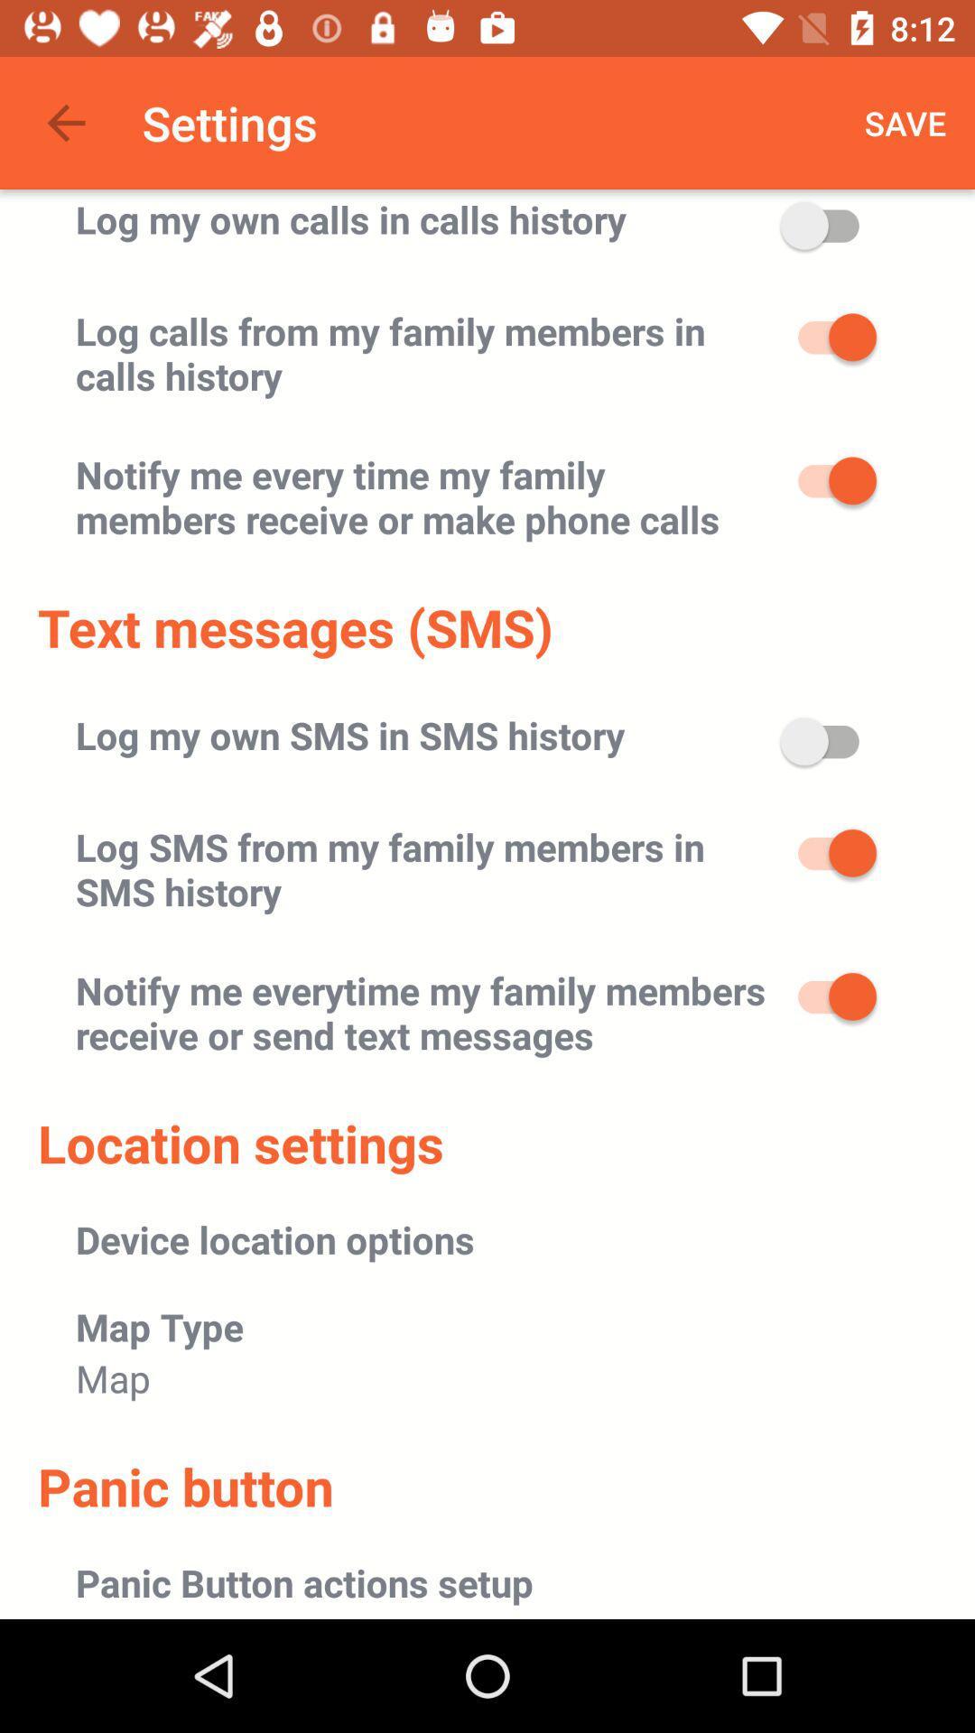 The width and height of the screenshot is (975, 1733). I want to click on the item above the log my own icon, so click(65, 122).